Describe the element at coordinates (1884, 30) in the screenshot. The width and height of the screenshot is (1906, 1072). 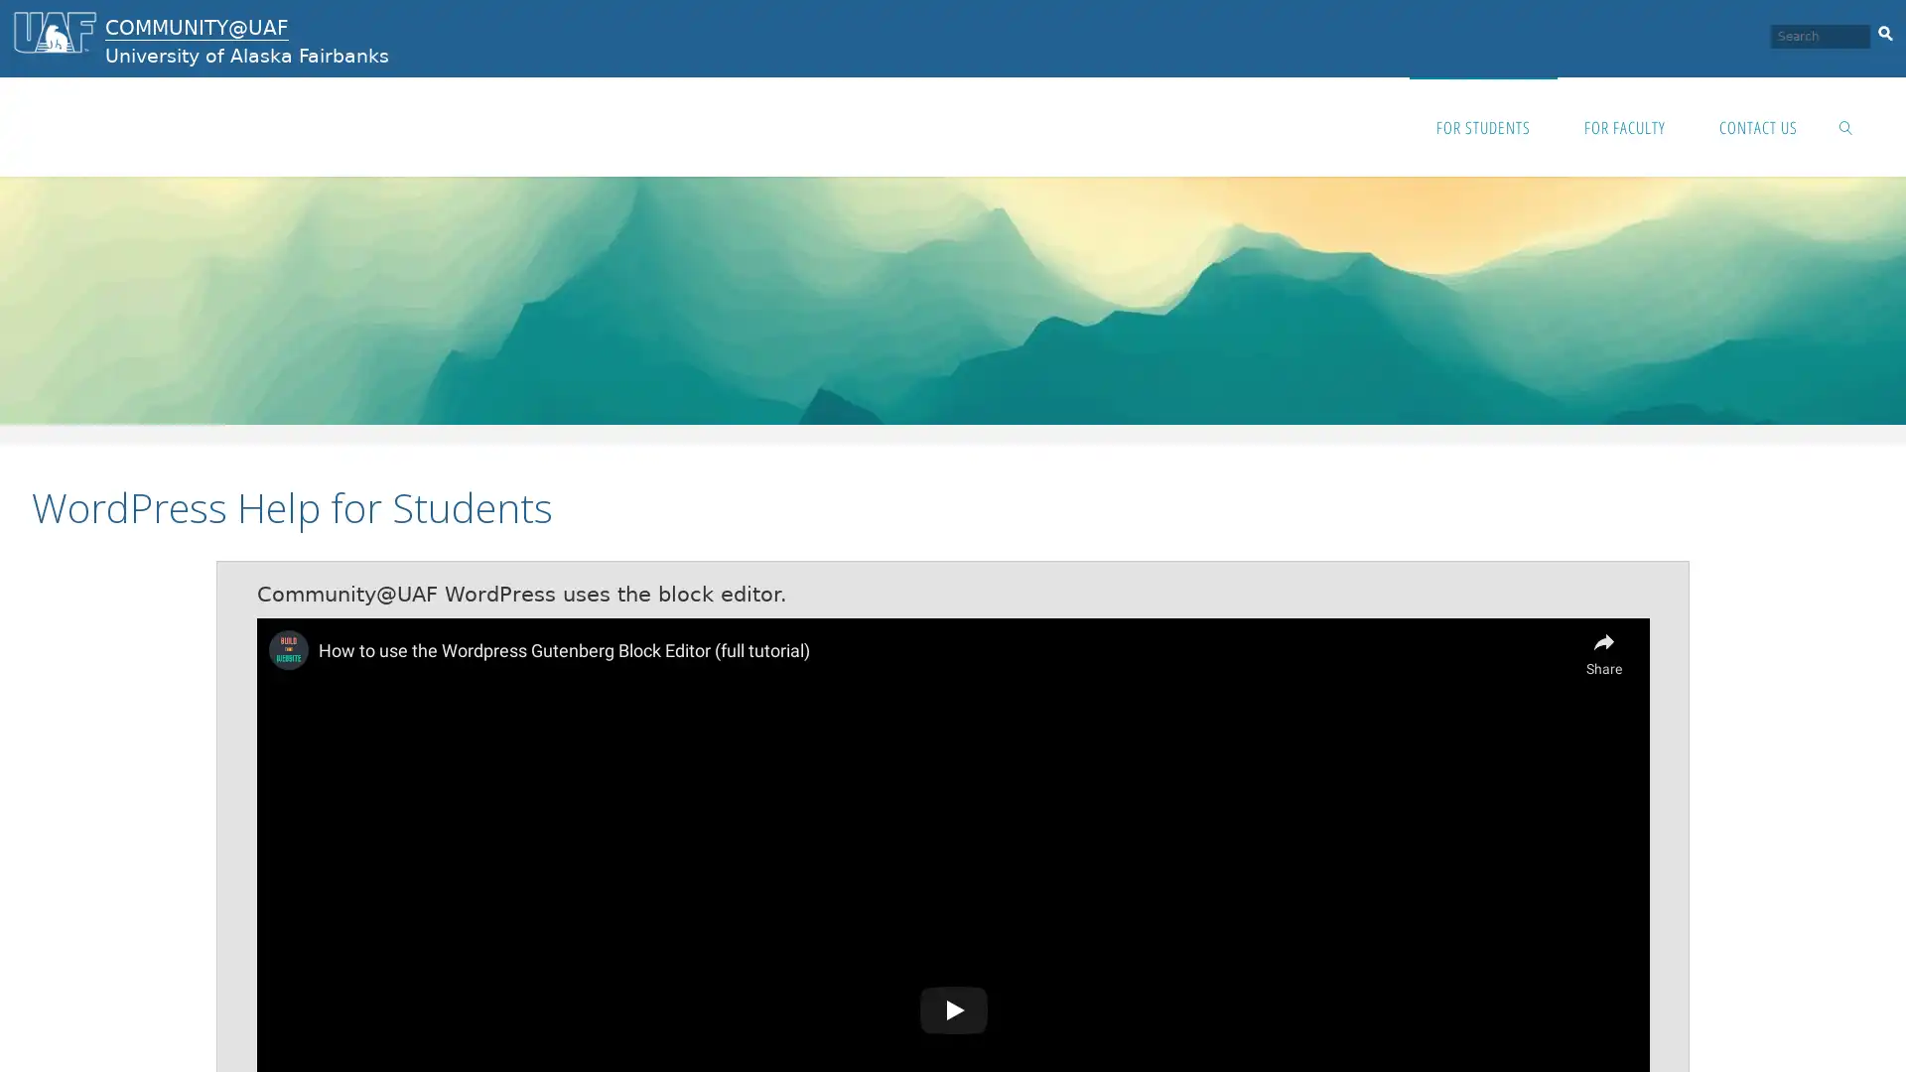
I see `search` at that location.